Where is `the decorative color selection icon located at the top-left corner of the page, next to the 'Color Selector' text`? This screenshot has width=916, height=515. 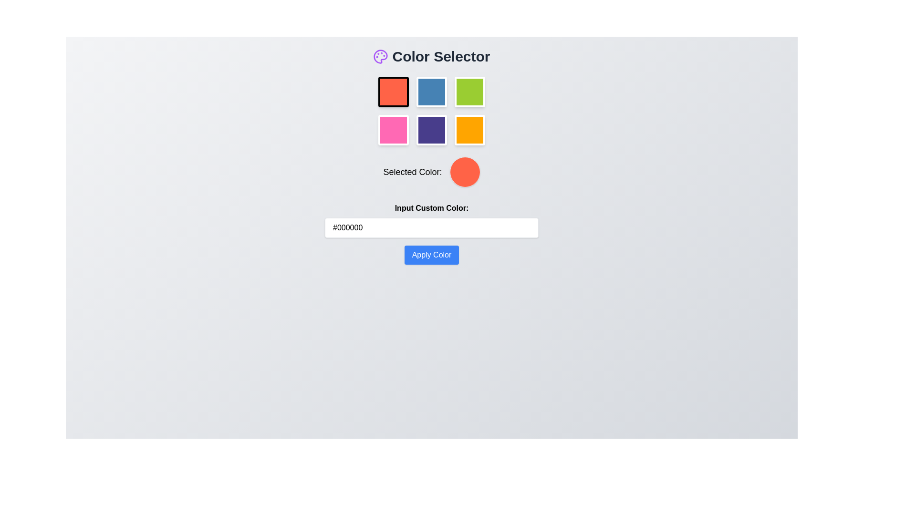 the decorative color selection icon located at the top-left corner of the page, next to the 'Color Selector' text is located at coordinates (380, 57).